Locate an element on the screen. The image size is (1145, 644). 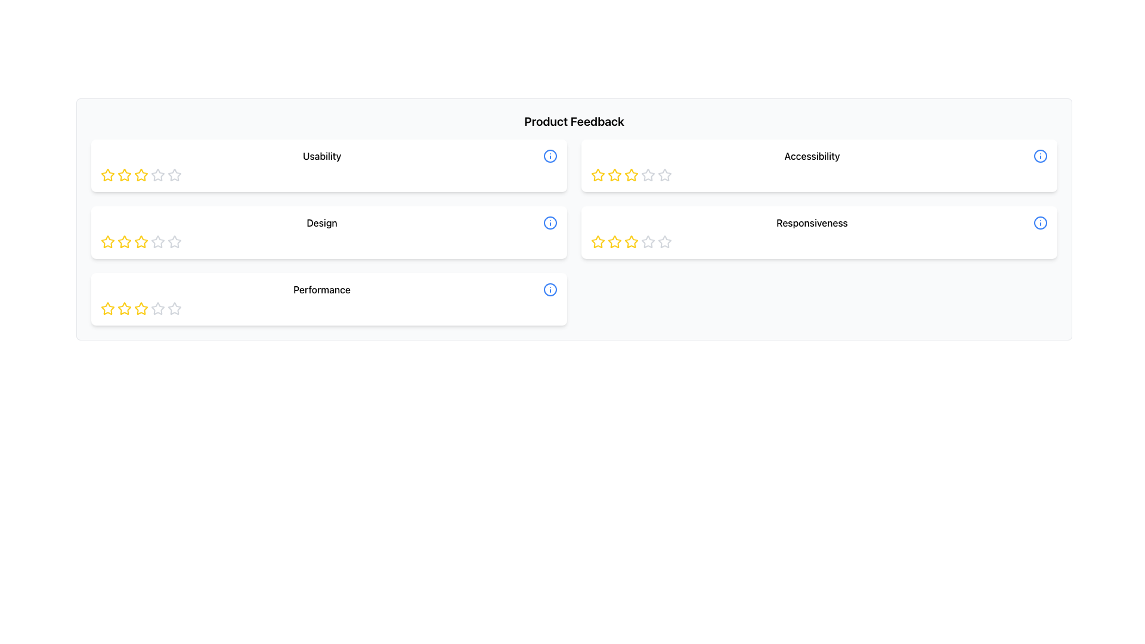
the first star icon in the 'Performance' section is located at coordinates (125, 308).